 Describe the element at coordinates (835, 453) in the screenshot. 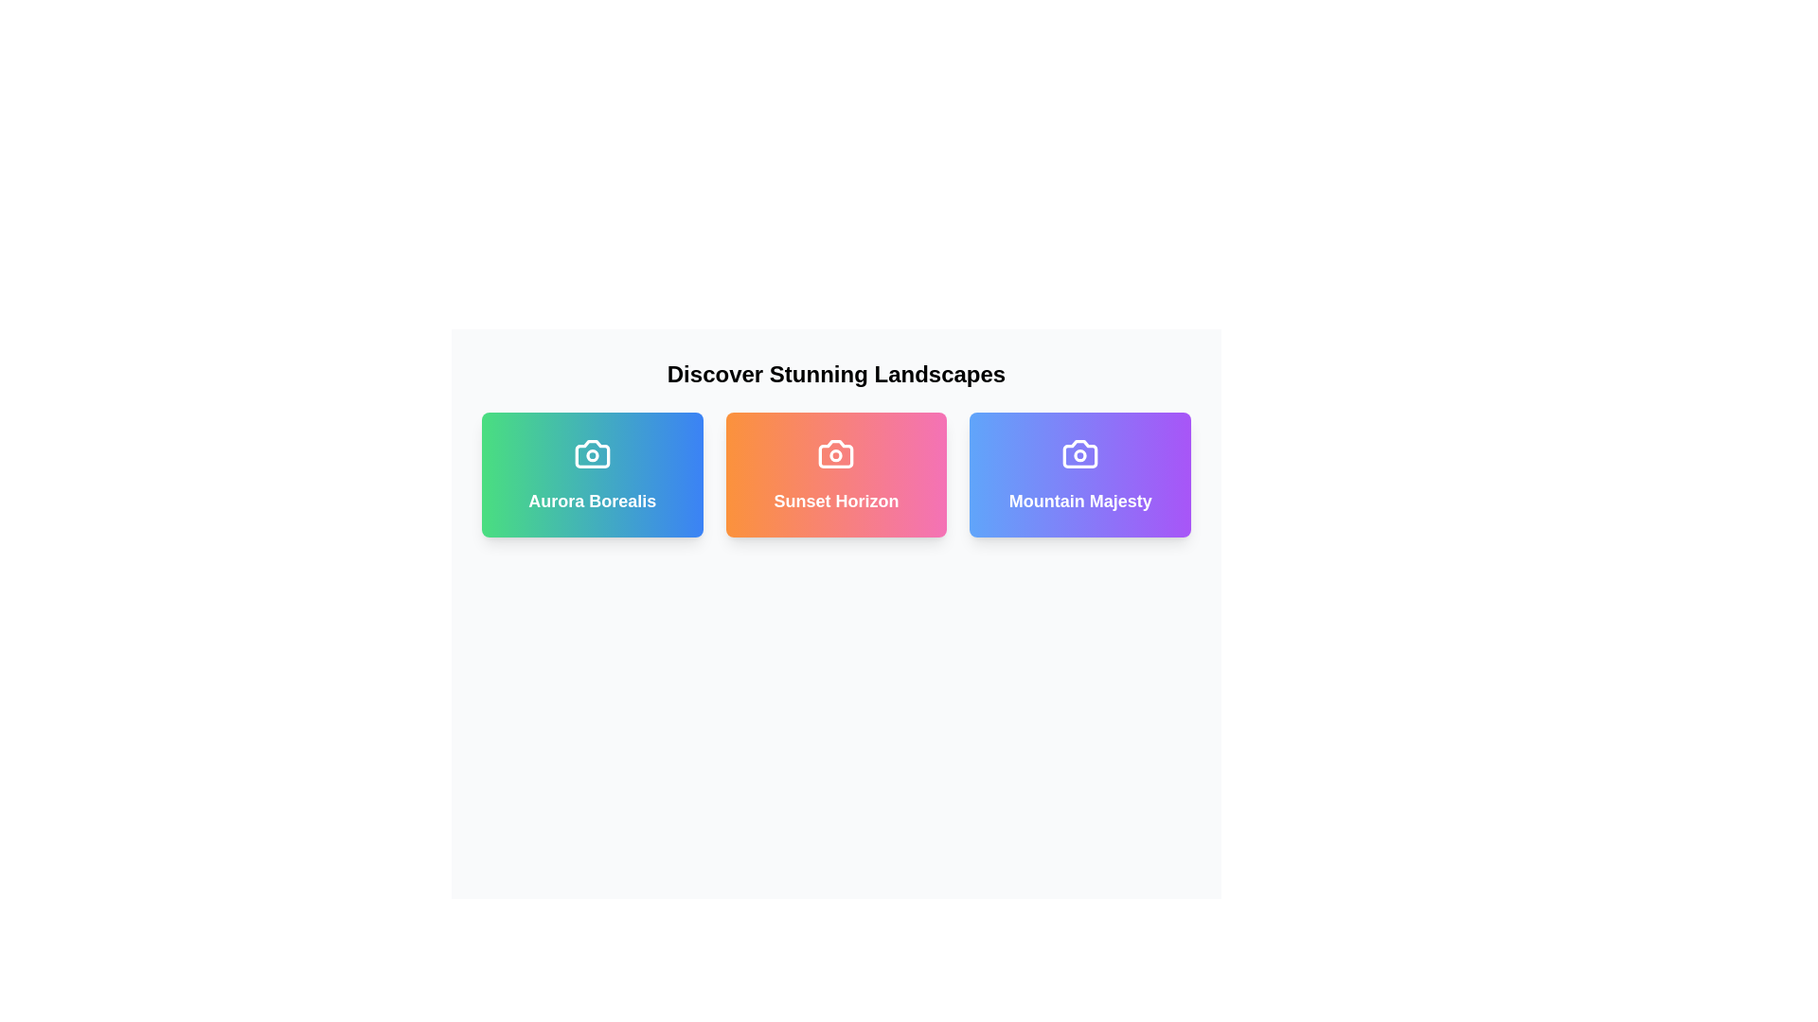

I see `the camera icon with a white outline and round lens, located in the middle card labeled 'Sunset Horizon', which has an orange-to-pink gradient background` at that location.